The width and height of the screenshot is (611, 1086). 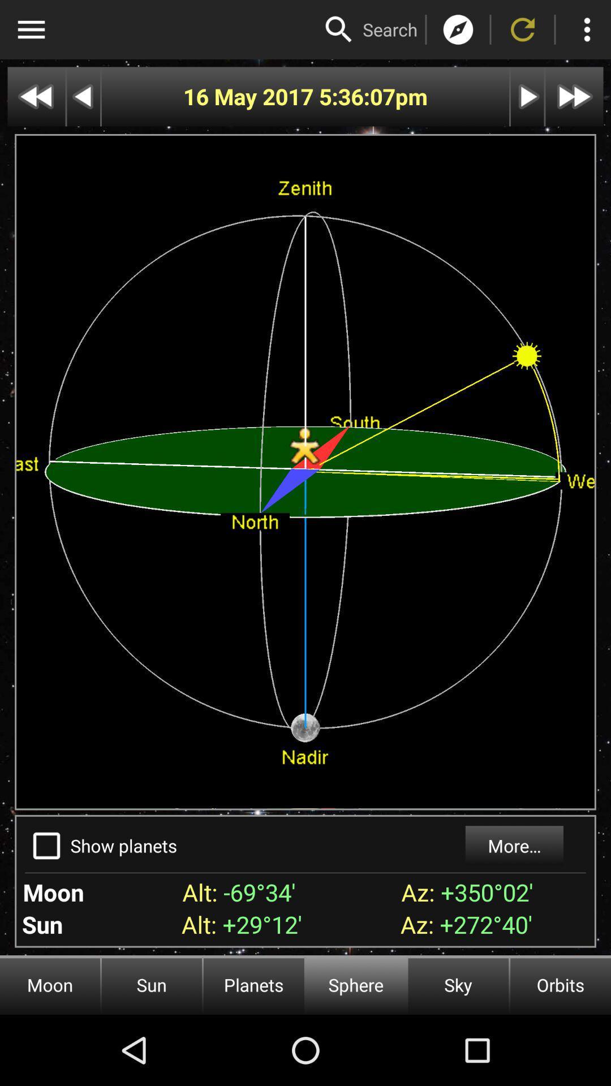 What do you see at coordinates (523, 29) in the screenshot?
I see `the refresh icon` at bounding box center [523, 29].